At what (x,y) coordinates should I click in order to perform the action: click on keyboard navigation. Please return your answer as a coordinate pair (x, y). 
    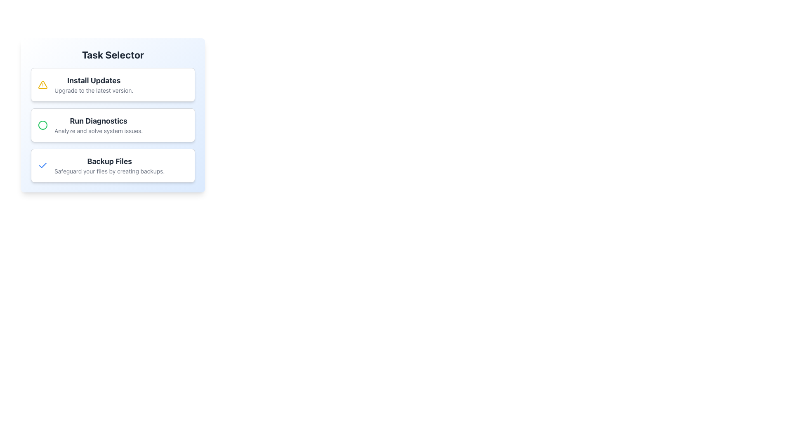
    Looking at the image, I should click on (112, 125).